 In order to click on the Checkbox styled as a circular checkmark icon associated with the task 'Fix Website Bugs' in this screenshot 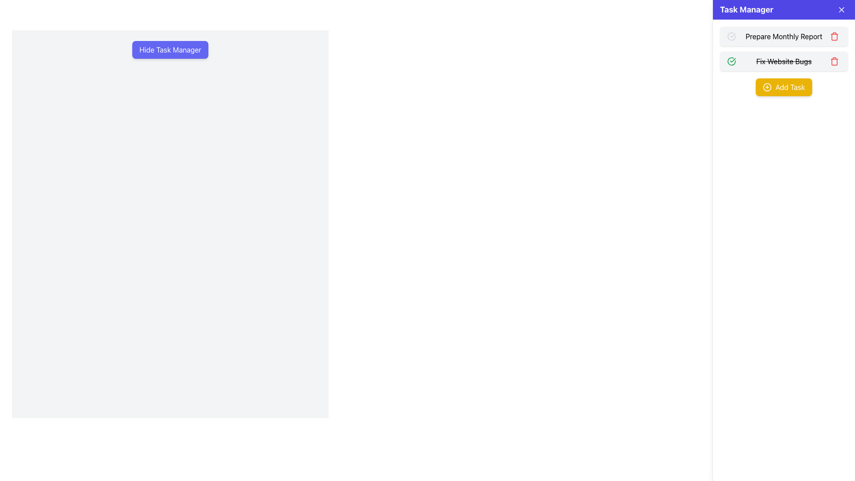, I will do `click(731, 61)`.